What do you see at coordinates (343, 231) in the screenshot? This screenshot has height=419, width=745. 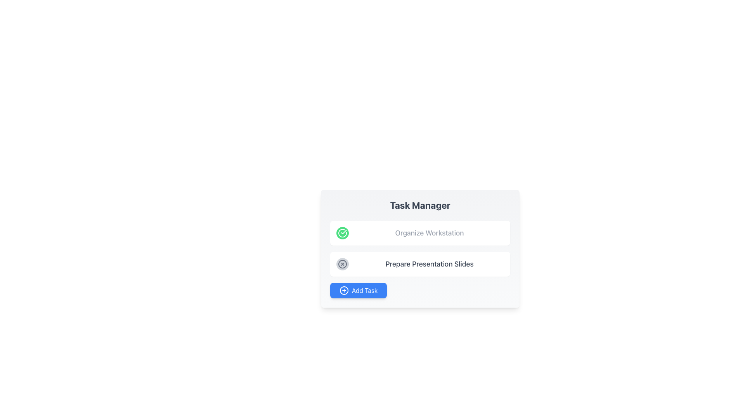 I see `the checkmark icon within the green circular background on the left side of the 'Organize Workstation' task entry to interact with it` at bounding box center [343, 231].